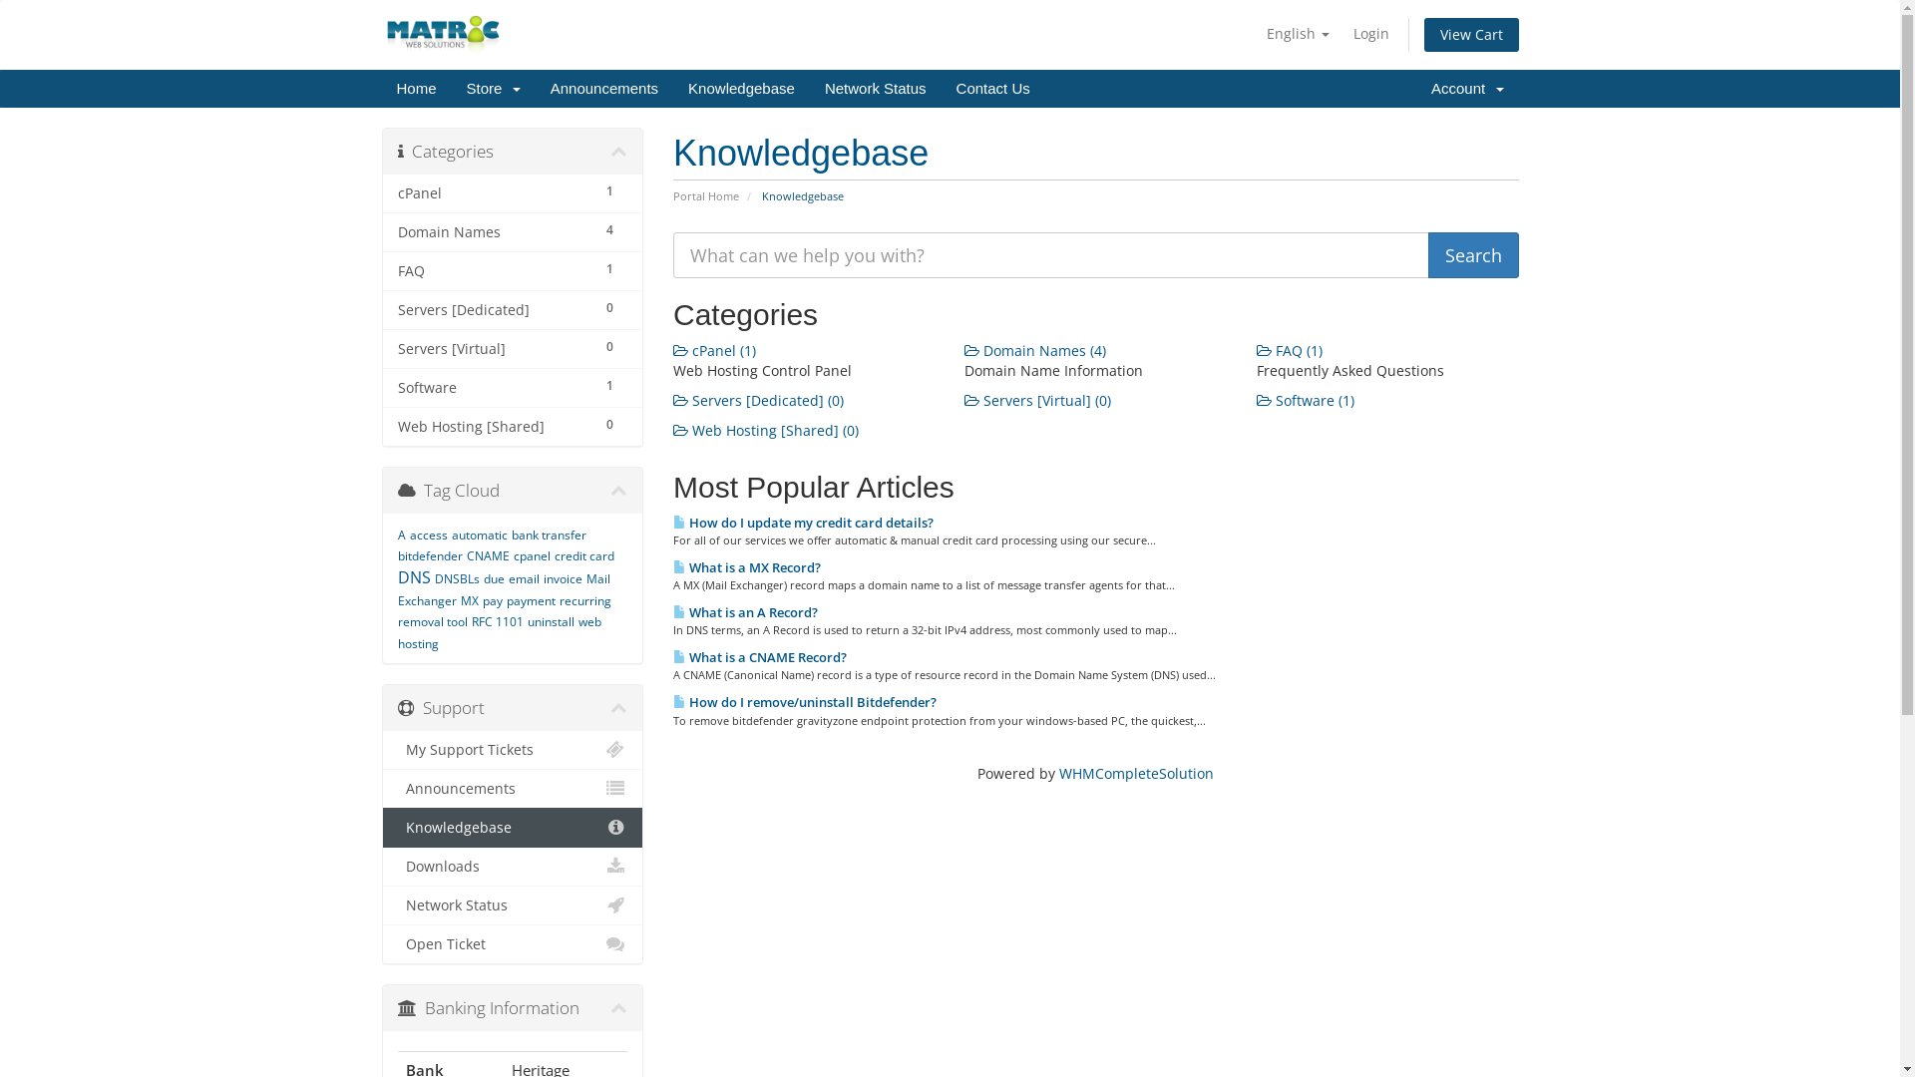  I want to click on 'View Cart', so click(1471, 34).